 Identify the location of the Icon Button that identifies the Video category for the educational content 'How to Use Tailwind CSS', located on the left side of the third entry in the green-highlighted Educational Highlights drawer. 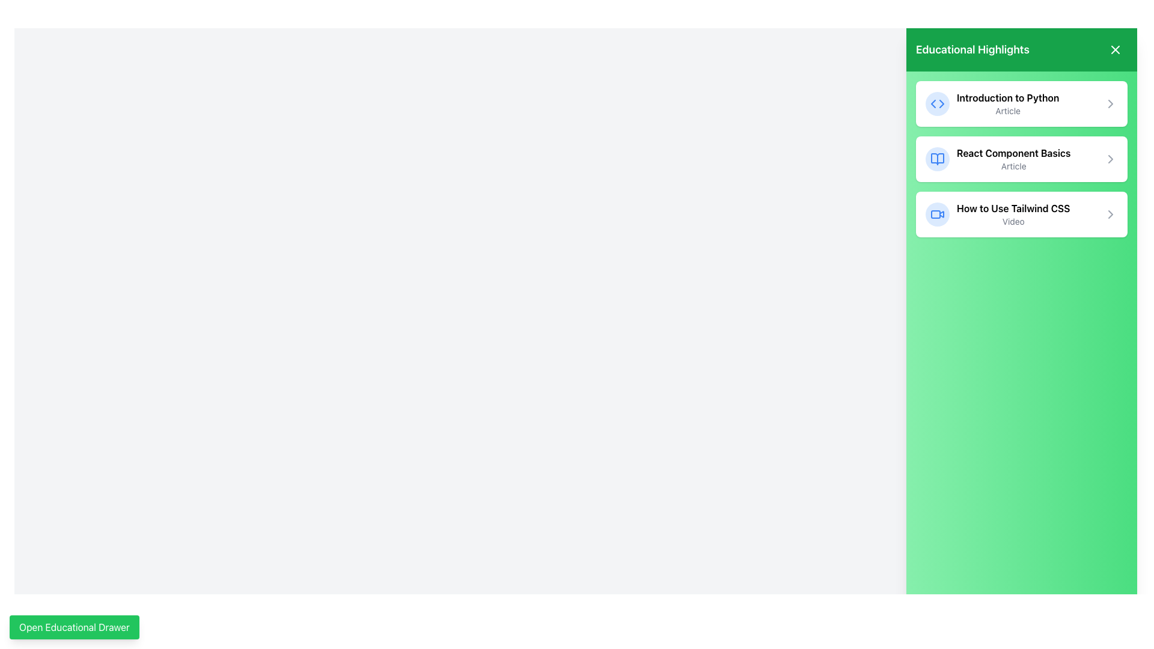
(937, 214).